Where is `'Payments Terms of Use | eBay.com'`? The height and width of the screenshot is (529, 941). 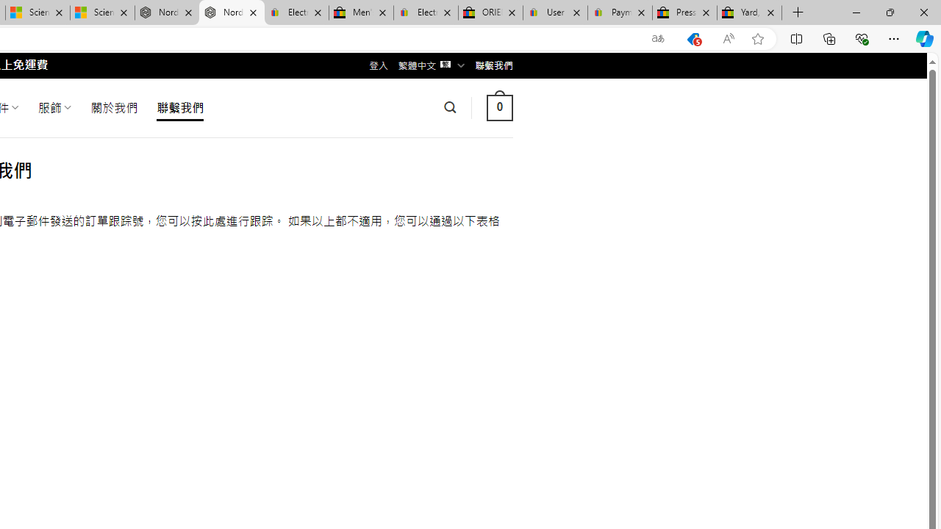 'Payments Terms of Use | eBay.com' is located at coordinates (620, 12).